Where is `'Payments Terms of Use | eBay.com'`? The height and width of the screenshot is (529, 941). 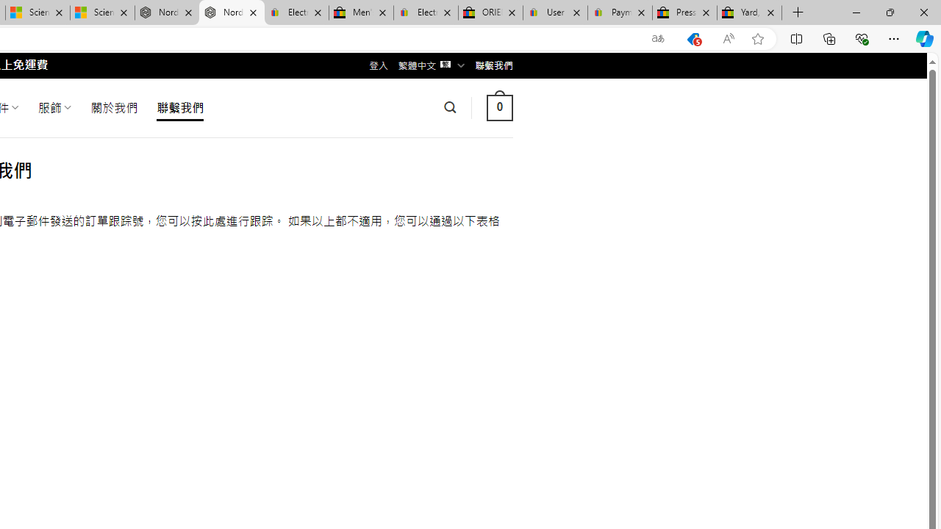 'Payments Terms of Use | eBay.com' is located at coordinates (620, 12).